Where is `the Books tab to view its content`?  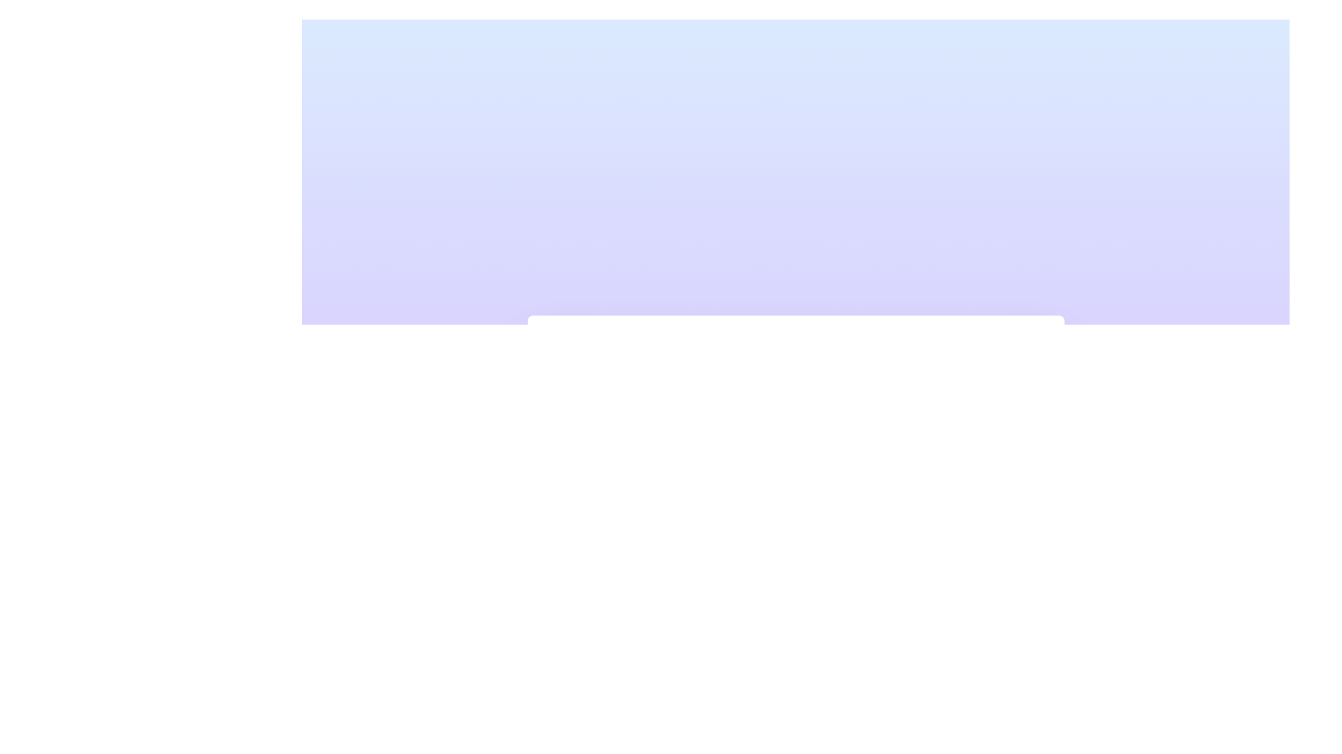
the Books tab to view its content is located at coordinates (626, 389).